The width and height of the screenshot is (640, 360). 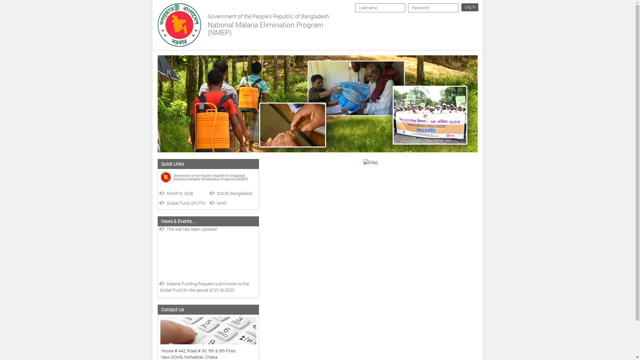 What do you see at coordinates (182, 203) in the screenshot?
I see `'Global Fund, GFATM'` at bounding box center [182, 203].